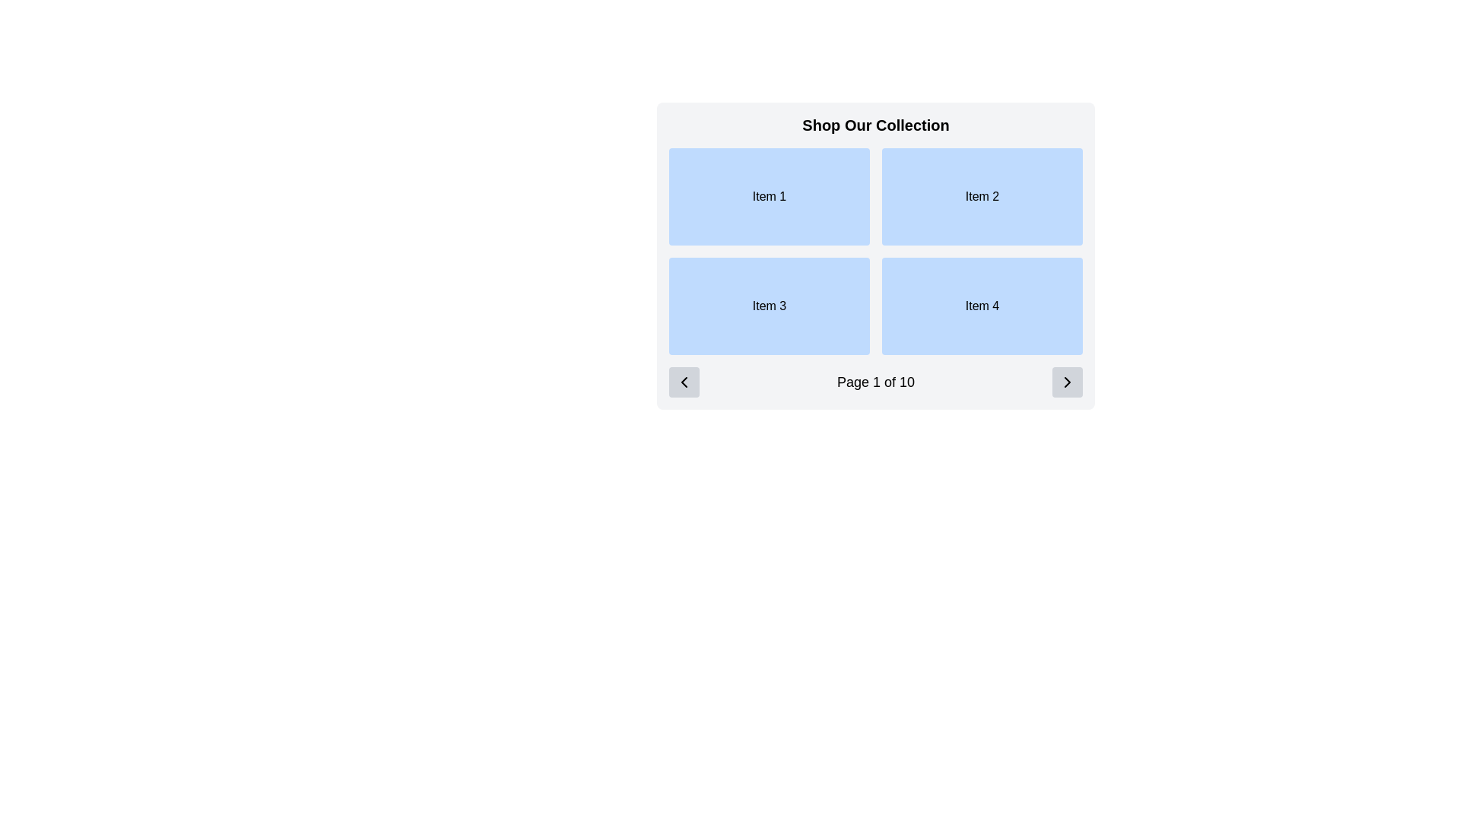 The image size is (1460, 821). Describe the element at coordinates (684, 381) in the screenshot. I see `the navigation button located at the bottom left corner of the collection browsing interface to observe a style change` at that location.